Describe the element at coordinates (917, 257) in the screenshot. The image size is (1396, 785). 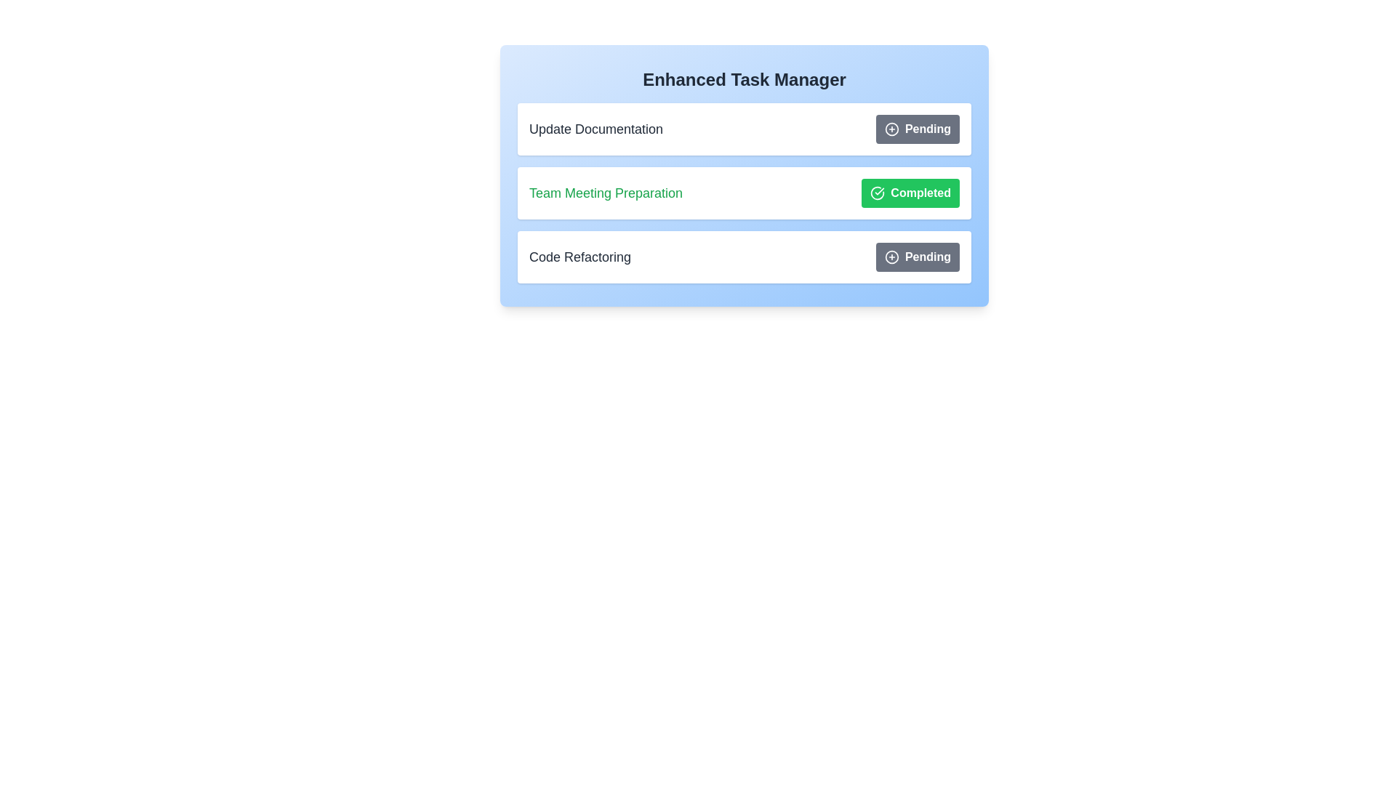
I see `status button for task Code Refactoring to toggle its status` at that location.